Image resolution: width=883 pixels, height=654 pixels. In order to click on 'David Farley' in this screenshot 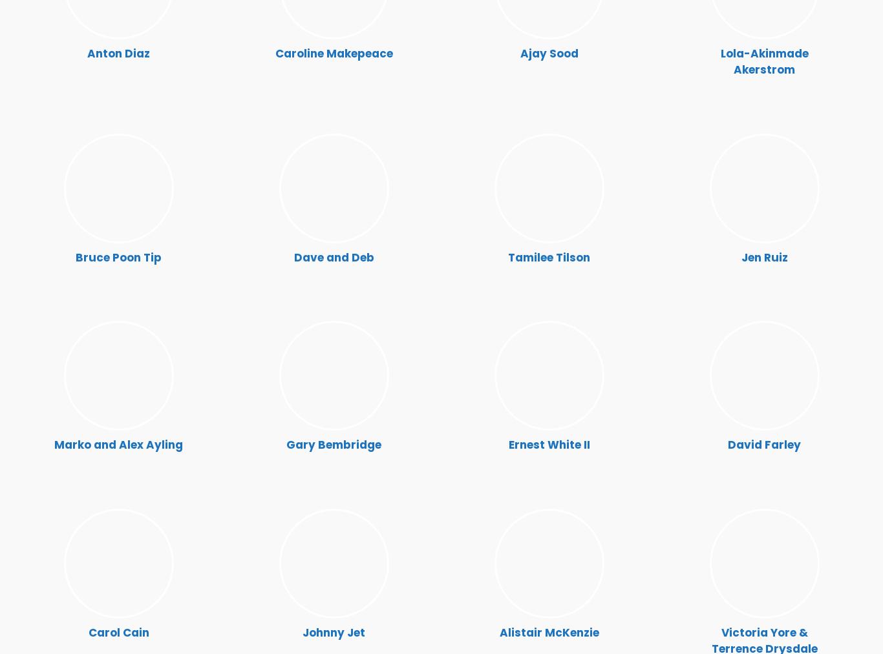, I will do `click(764, 444)`.